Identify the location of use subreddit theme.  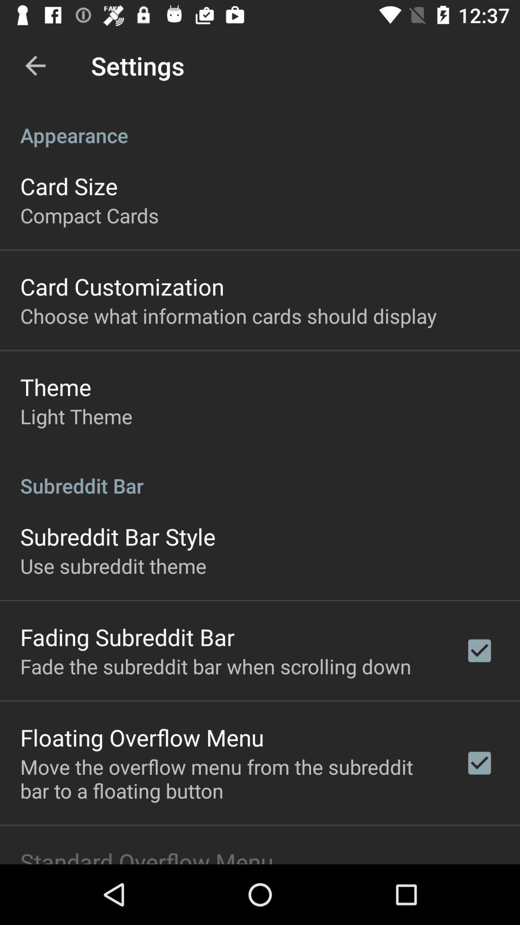
(113, 566).